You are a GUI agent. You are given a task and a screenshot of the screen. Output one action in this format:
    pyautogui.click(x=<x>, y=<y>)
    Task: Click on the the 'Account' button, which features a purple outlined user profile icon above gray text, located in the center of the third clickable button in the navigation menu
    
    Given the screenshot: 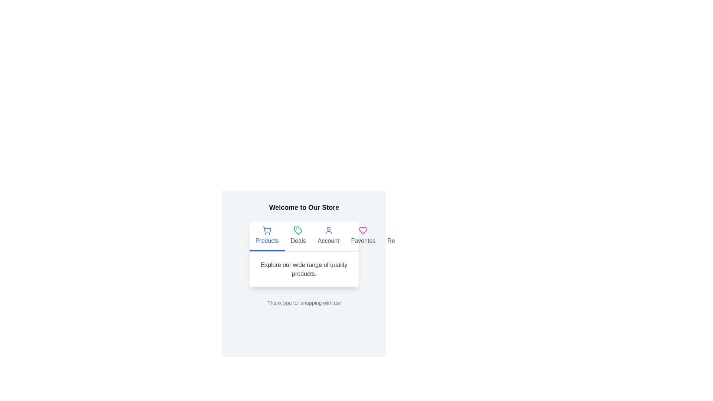 What is the action you would take?
    pyautogui.click(x=328, y=236)
    